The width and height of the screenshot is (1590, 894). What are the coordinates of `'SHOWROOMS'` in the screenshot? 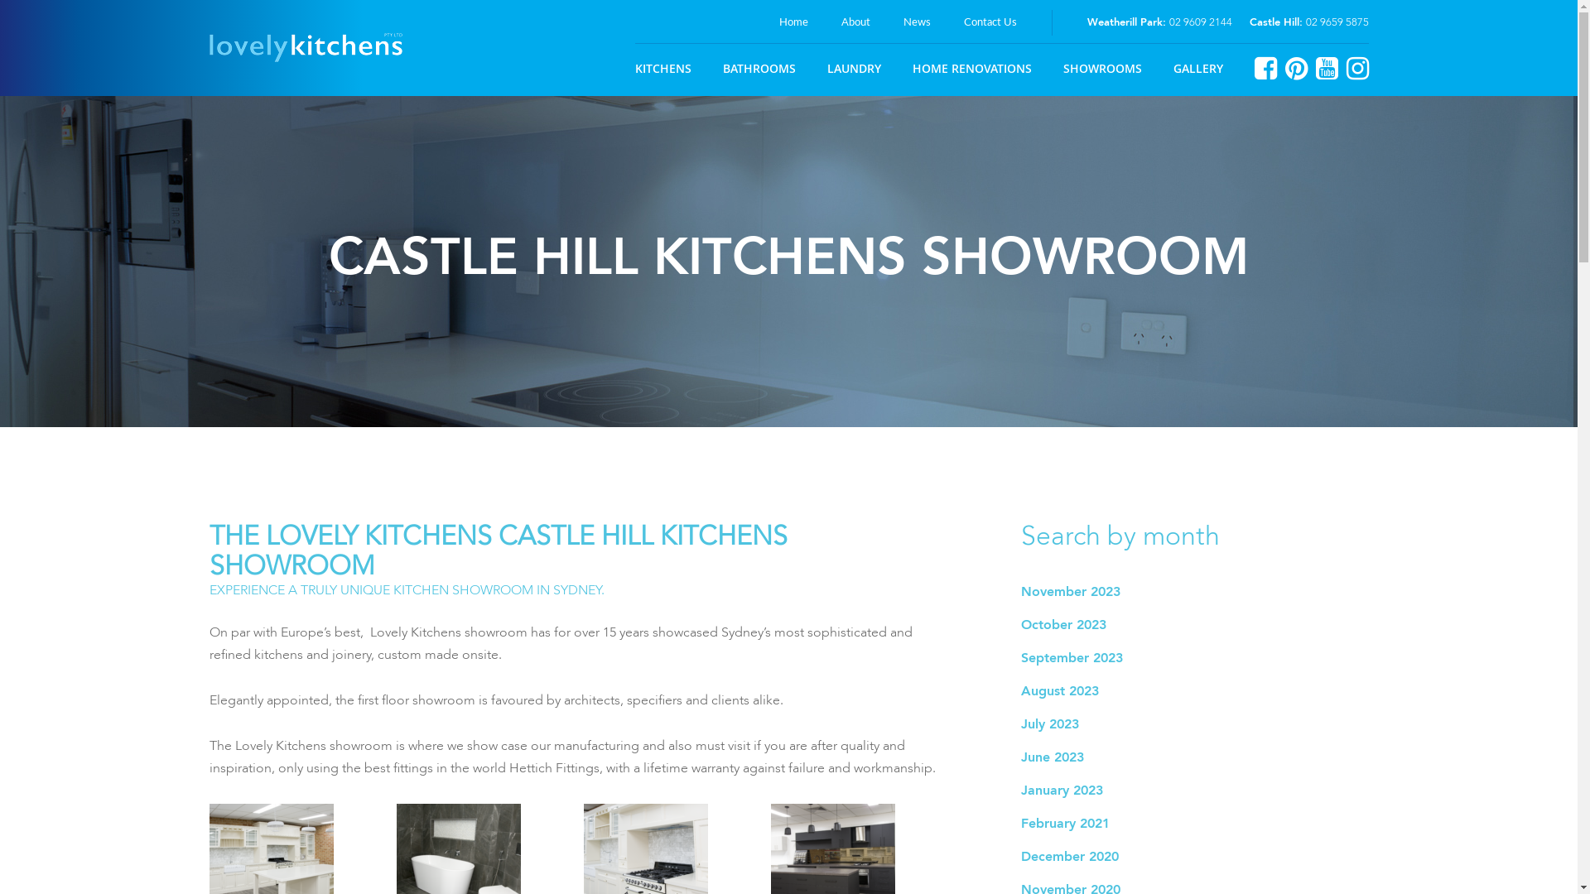 It's located at (1062, 67).